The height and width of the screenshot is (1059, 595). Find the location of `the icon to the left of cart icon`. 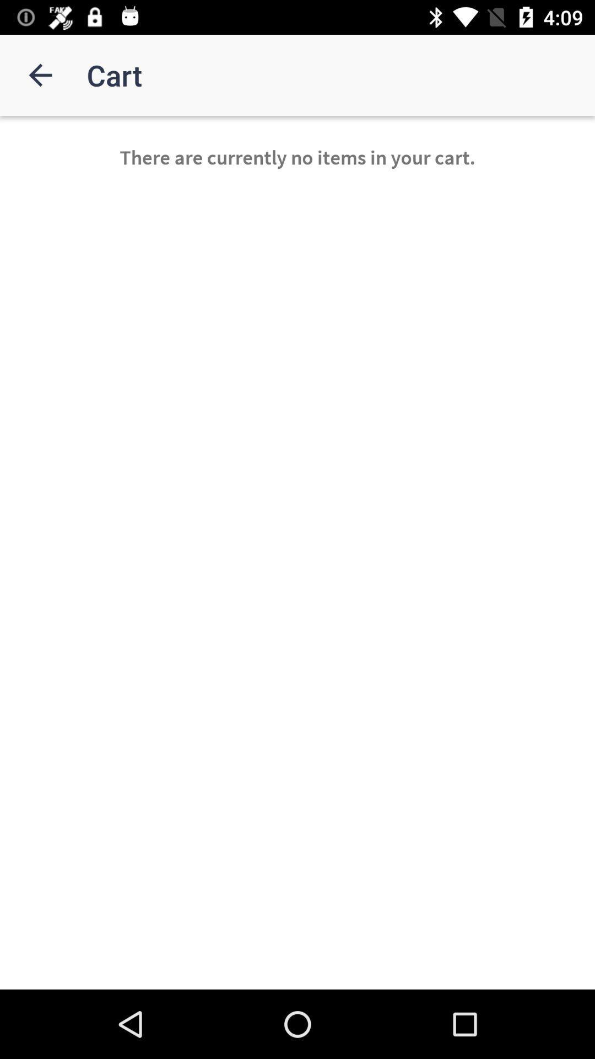

the icon to the left of cart icon is located at coordinates (40, 74).